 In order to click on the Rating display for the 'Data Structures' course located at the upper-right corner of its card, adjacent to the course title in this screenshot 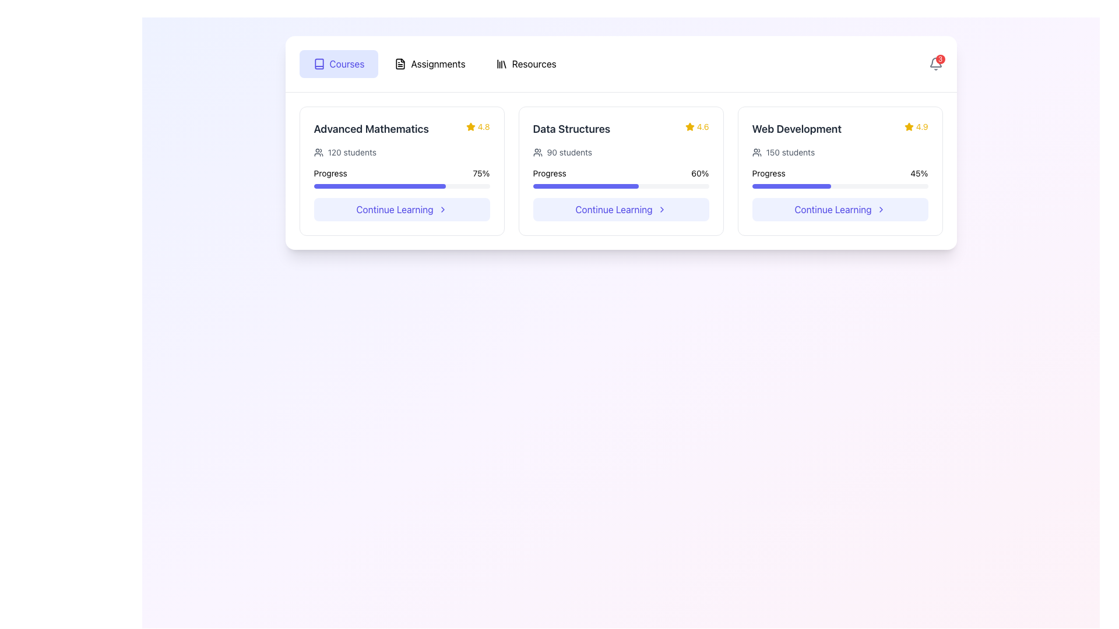, I will do `click(697, 127)`.